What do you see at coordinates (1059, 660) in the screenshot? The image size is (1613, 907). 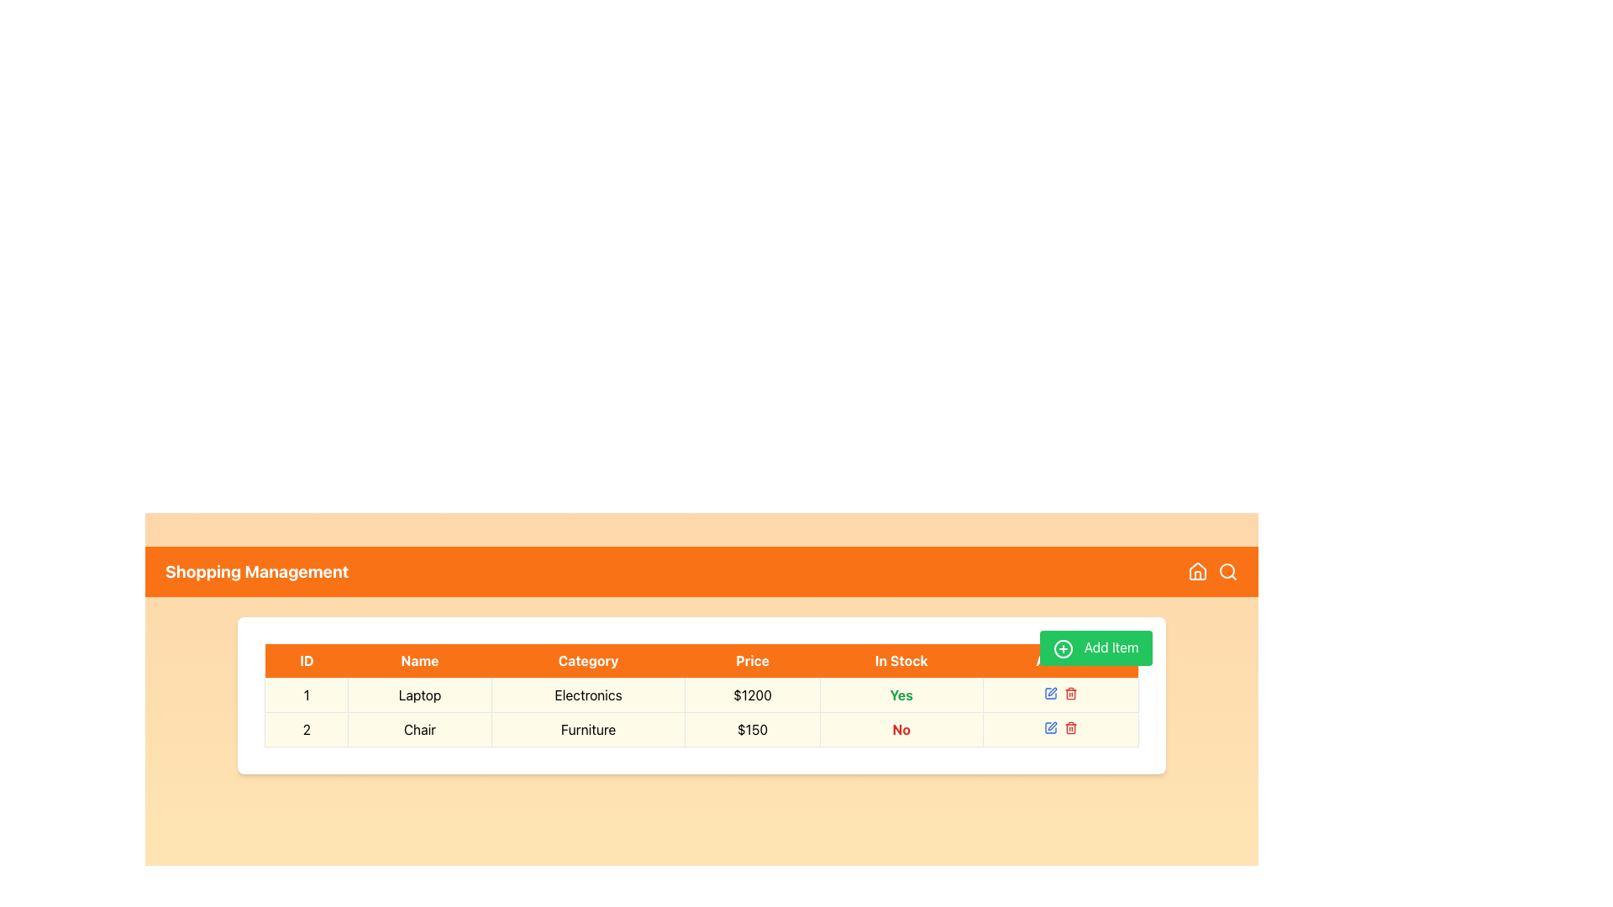 I see `the header text label of the actions column in the data table, located at the far right of the header row` at bounding box center [1059, 660].